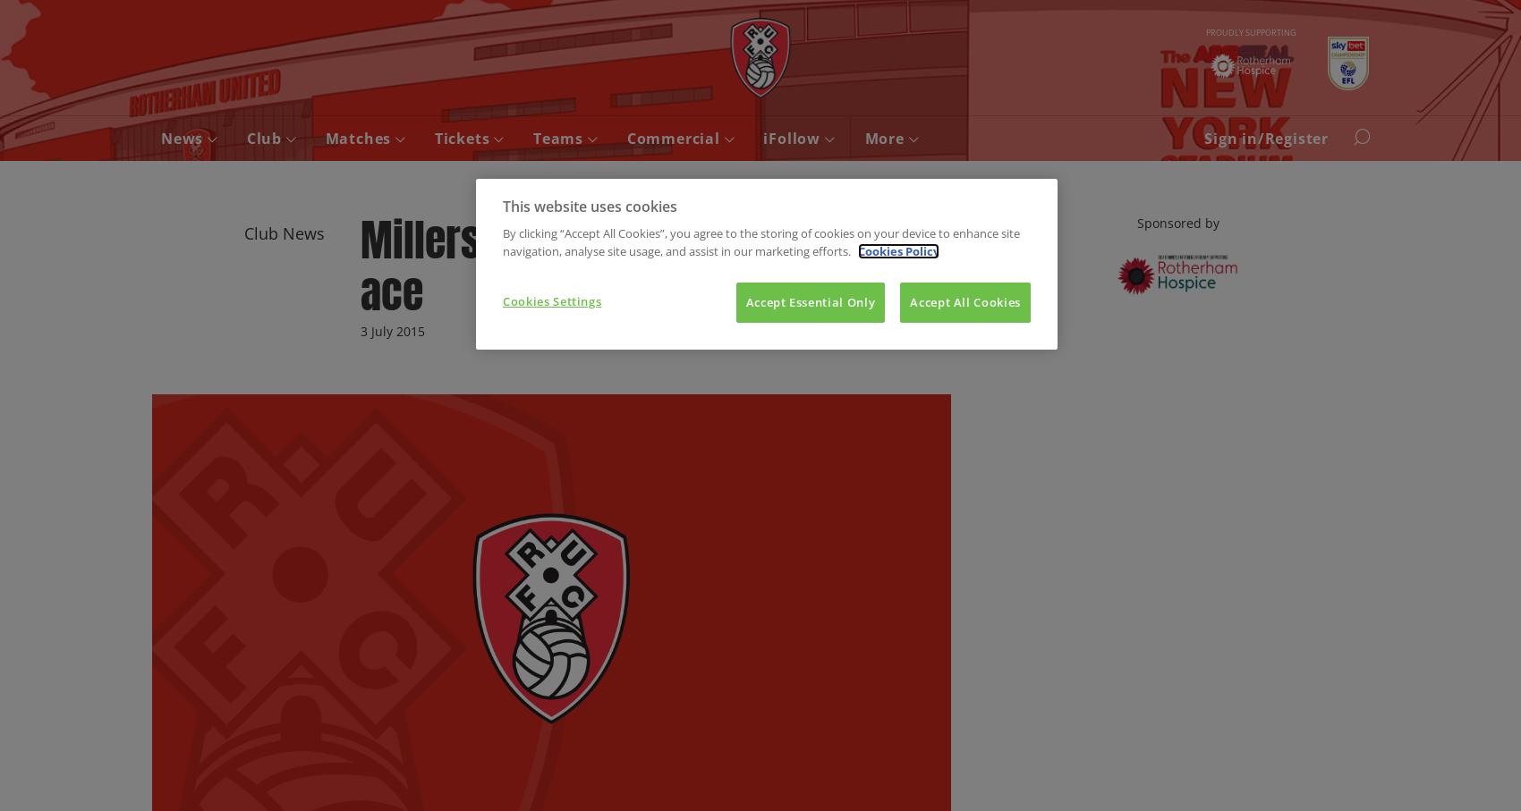 Image resolution: width=1521 pixels, height=811 pixels. What do you see at coordinates (265, 139) in the screenshot?
I see `'Club'` at bounding box center [265, 139].